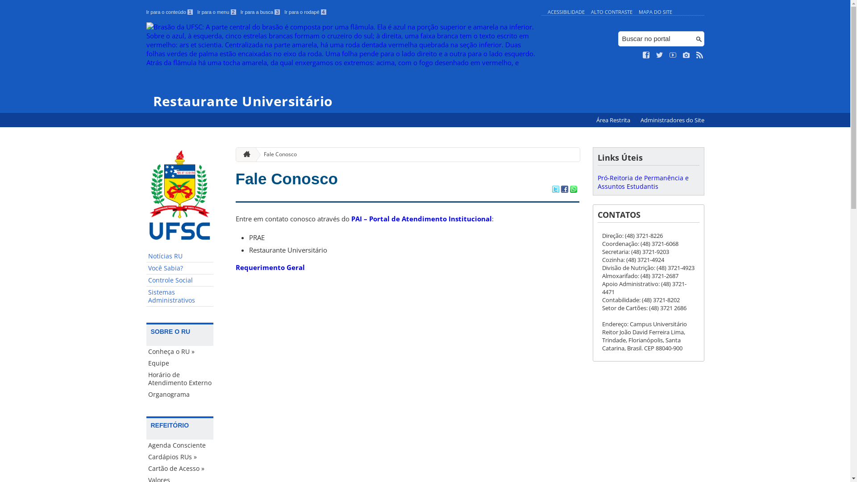  I want to click on 'ALTO CONTRASTE', so click(611, 12).